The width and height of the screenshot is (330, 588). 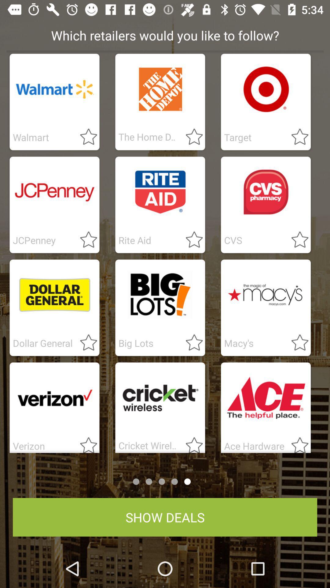 I want to click on follow retailer, so click(x=296, y=240).